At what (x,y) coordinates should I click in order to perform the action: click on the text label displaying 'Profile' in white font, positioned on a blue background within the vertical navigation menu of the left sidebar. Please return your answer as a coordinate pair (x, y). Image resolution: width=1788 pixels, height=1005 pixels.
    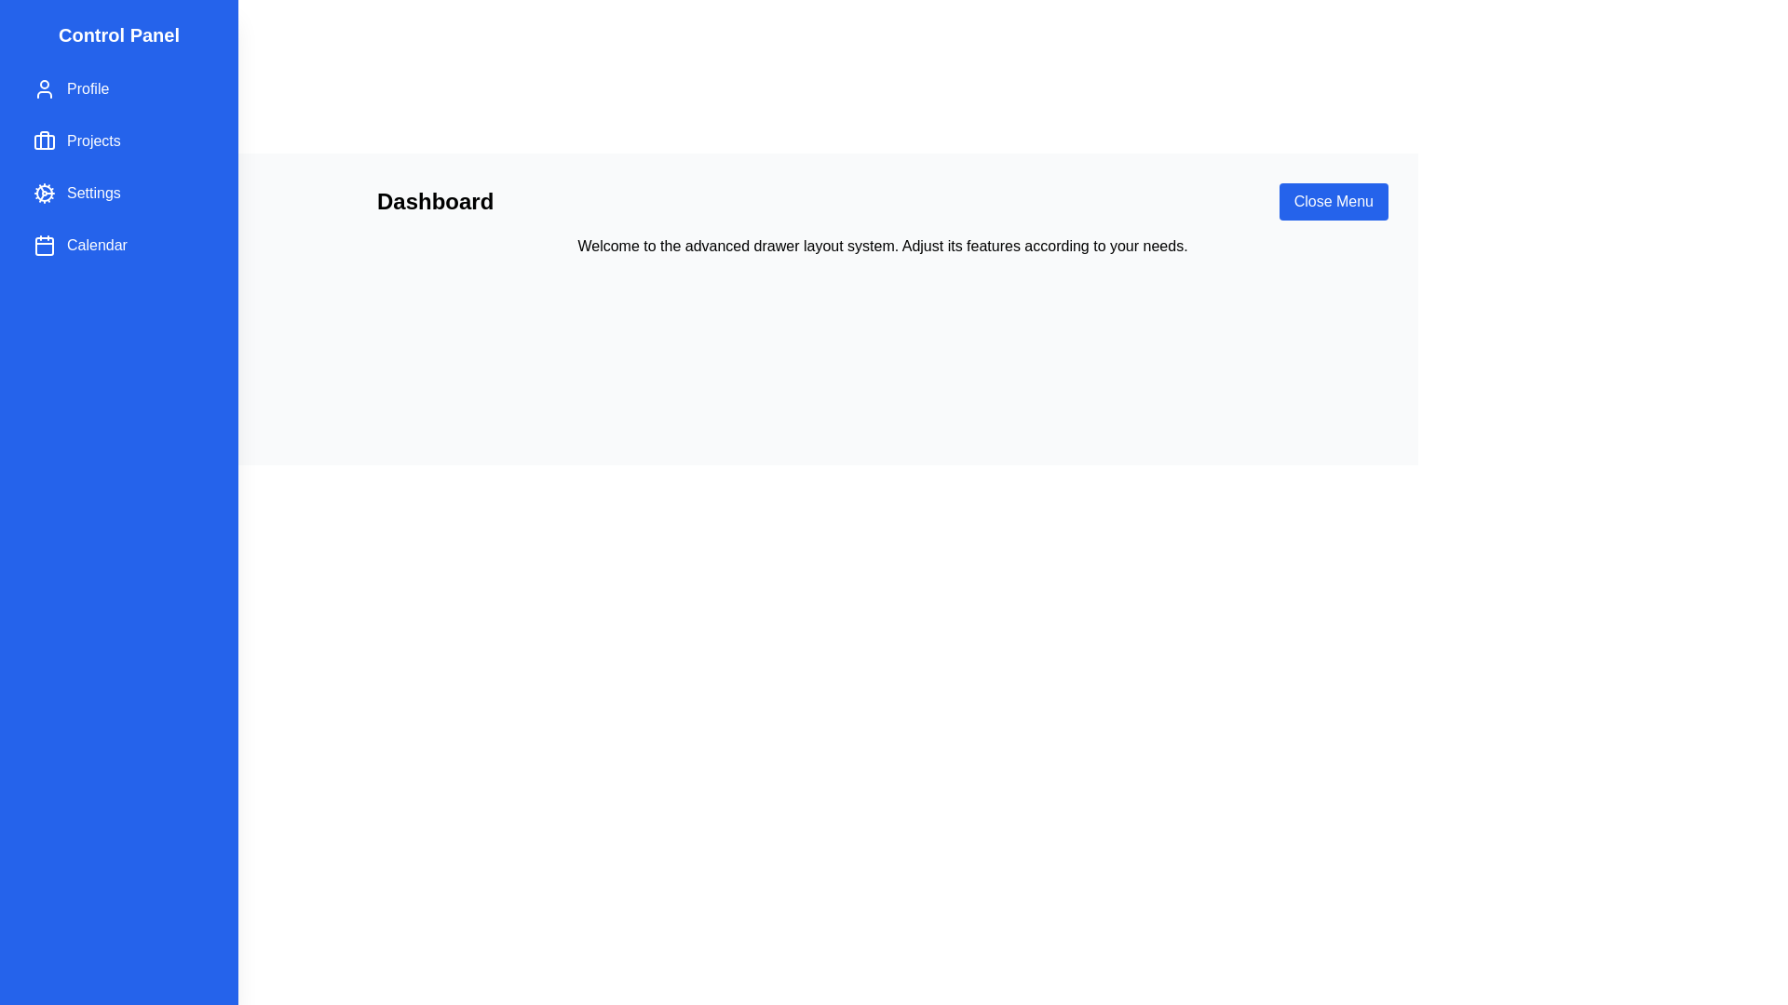
    Looking at the image, I should click on (87, 89).